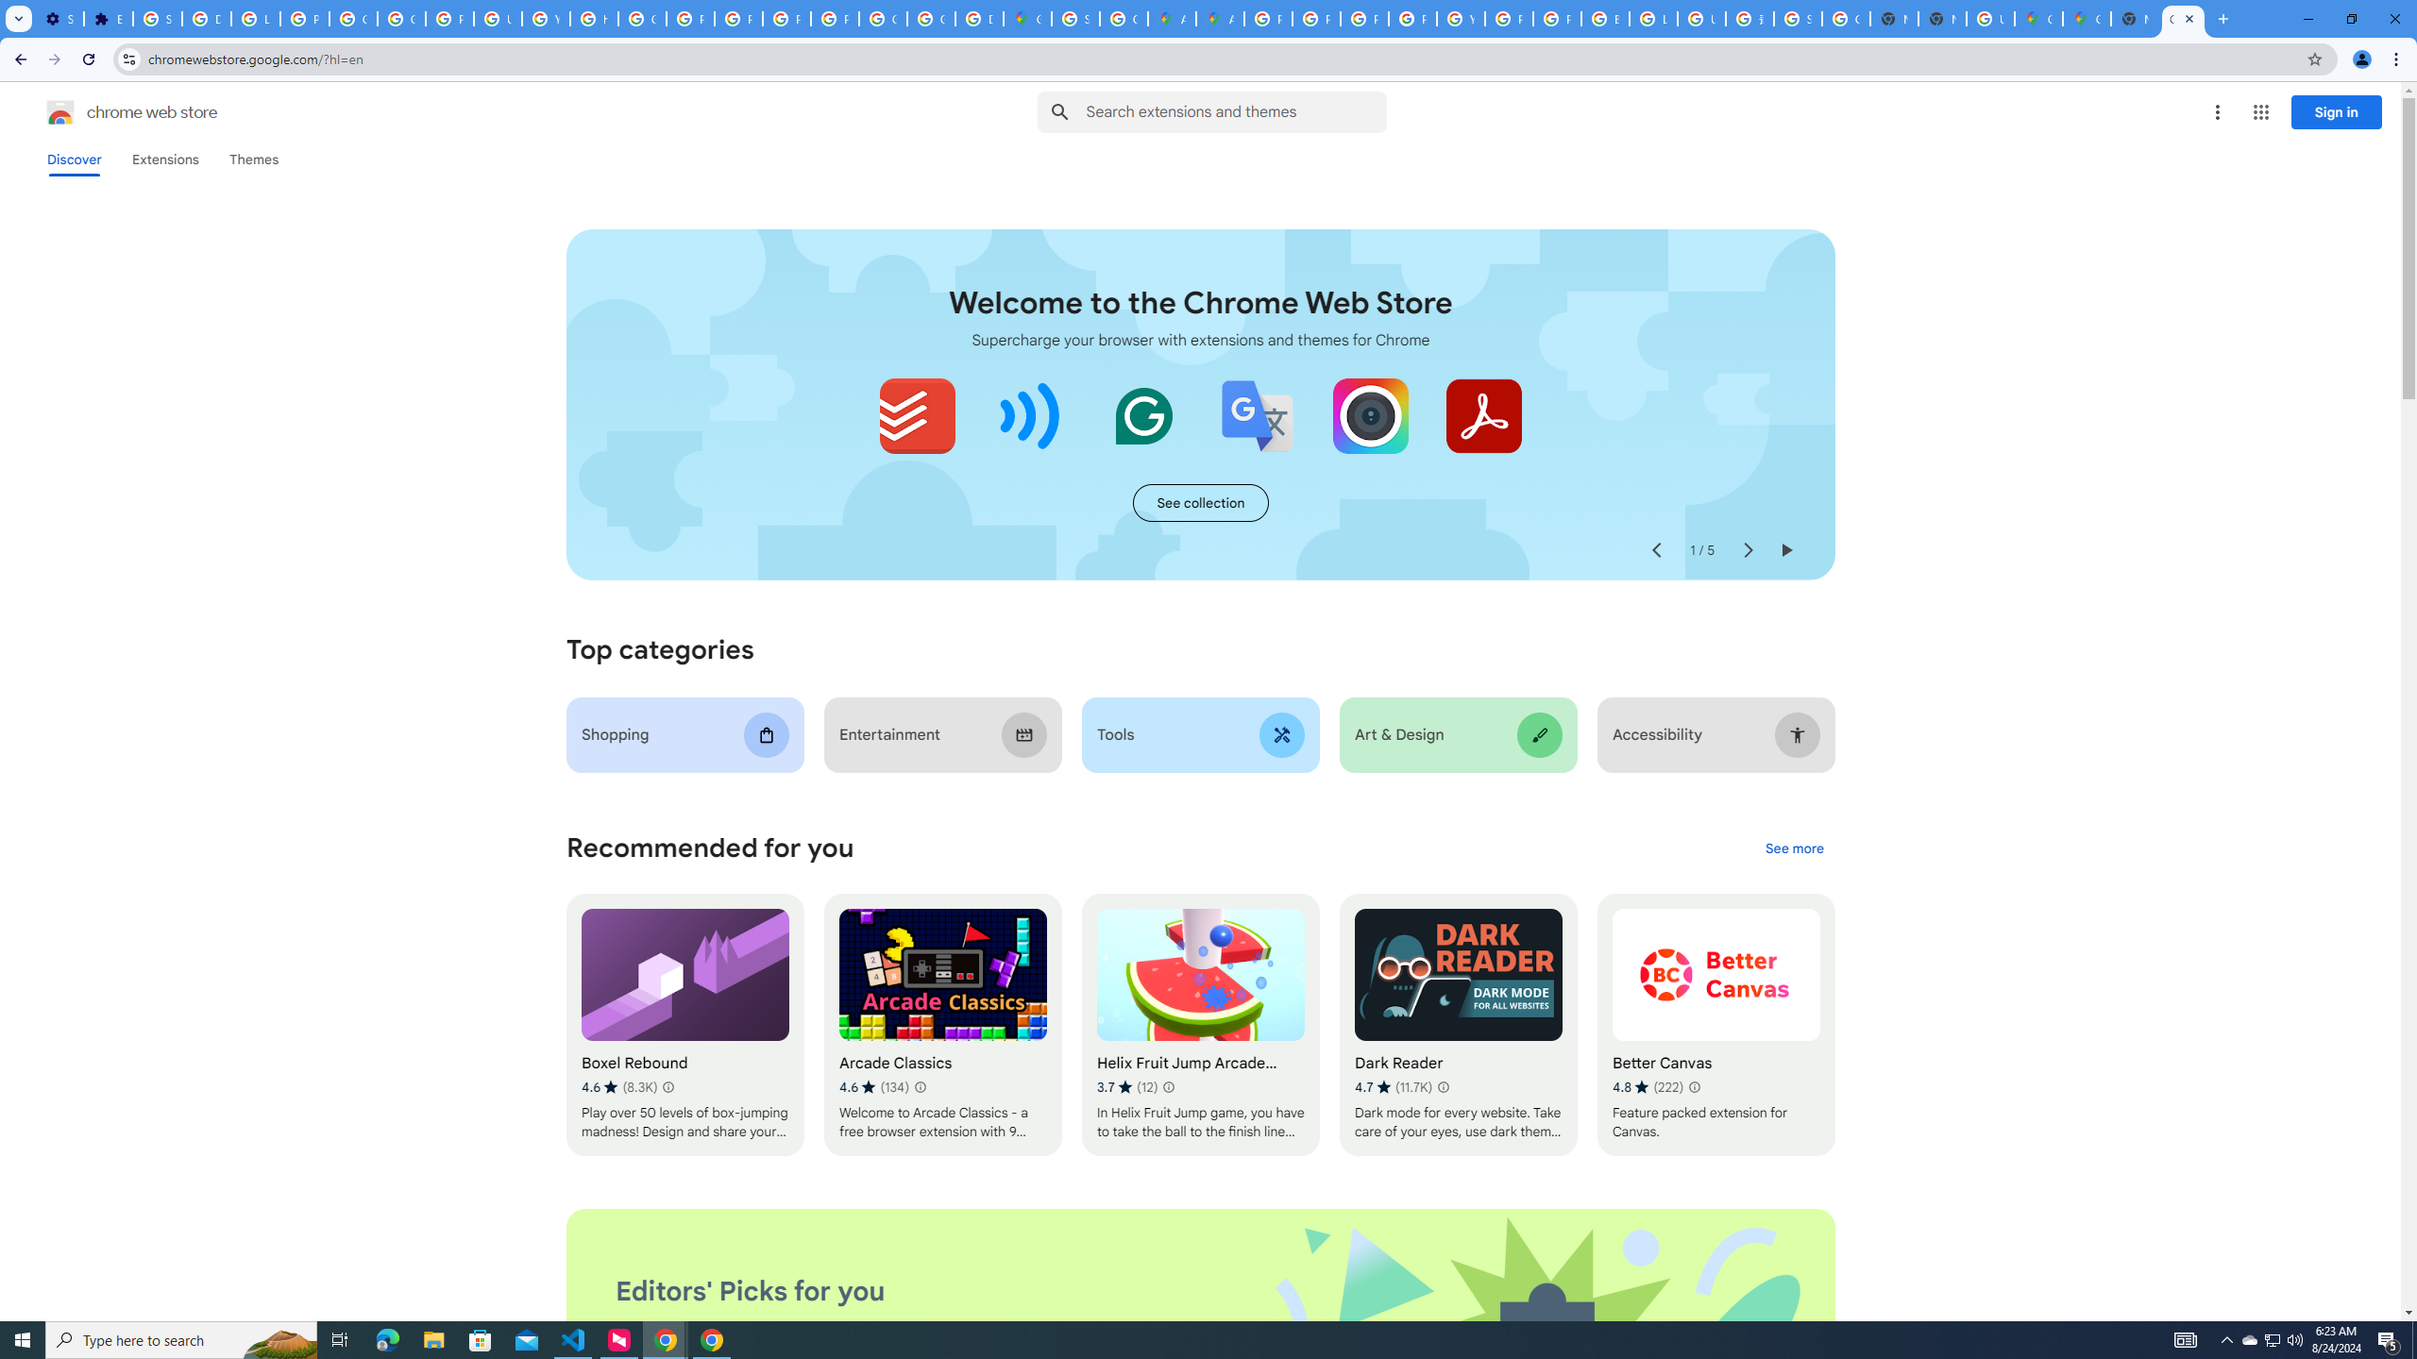  What do you see at coordinates (1460, 18) in the screenshot?
I see `'YouTube'` at bounding box center [1460, 18].